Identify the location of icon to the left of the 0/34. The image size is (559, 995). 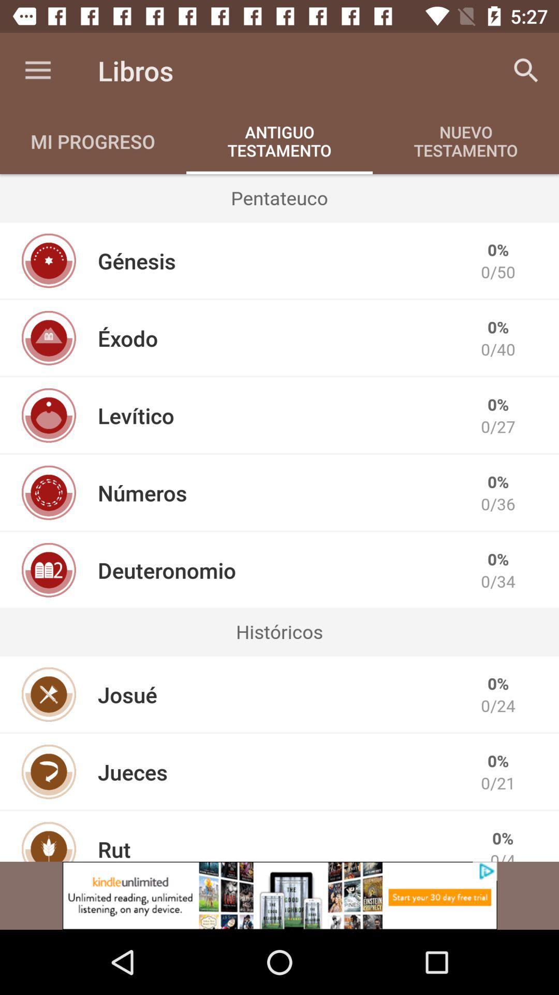
(166, 570).